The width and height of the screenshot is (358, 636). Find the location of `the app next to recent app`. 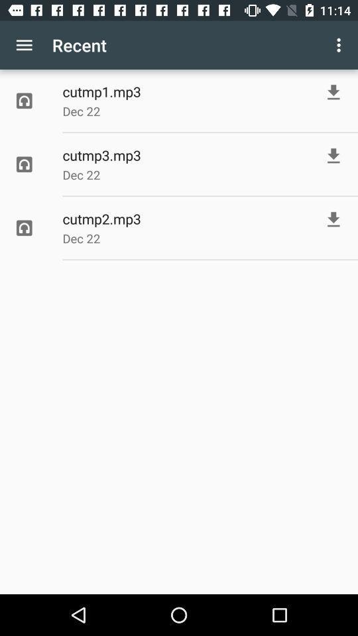

the app next to recent app is located at coordinates (340, 45).